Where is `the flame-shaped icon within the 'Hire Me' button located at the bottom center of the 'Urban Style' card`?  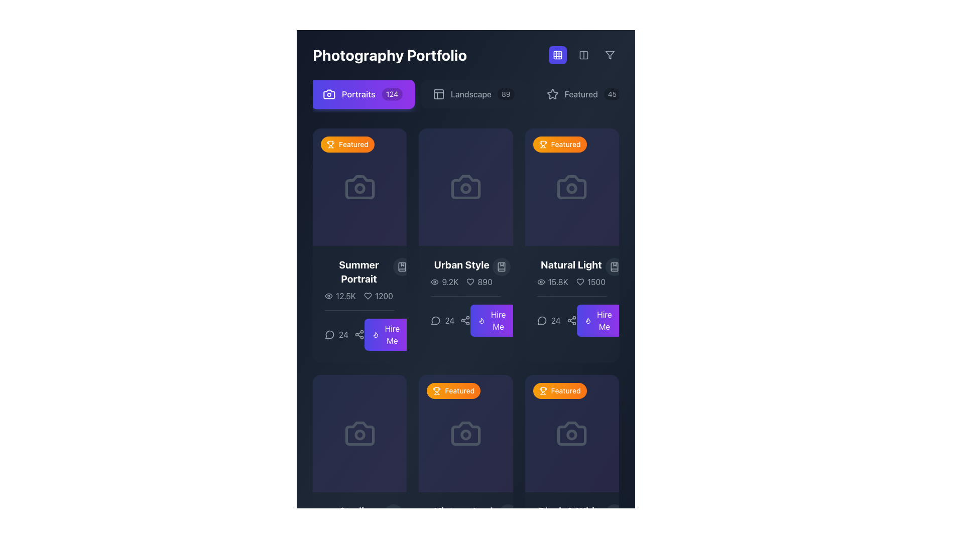
the flame-shaped icon within the 'Hire Me' button located at the bottom center of the 'Urban Style' card is located at coordinates (375, 335).